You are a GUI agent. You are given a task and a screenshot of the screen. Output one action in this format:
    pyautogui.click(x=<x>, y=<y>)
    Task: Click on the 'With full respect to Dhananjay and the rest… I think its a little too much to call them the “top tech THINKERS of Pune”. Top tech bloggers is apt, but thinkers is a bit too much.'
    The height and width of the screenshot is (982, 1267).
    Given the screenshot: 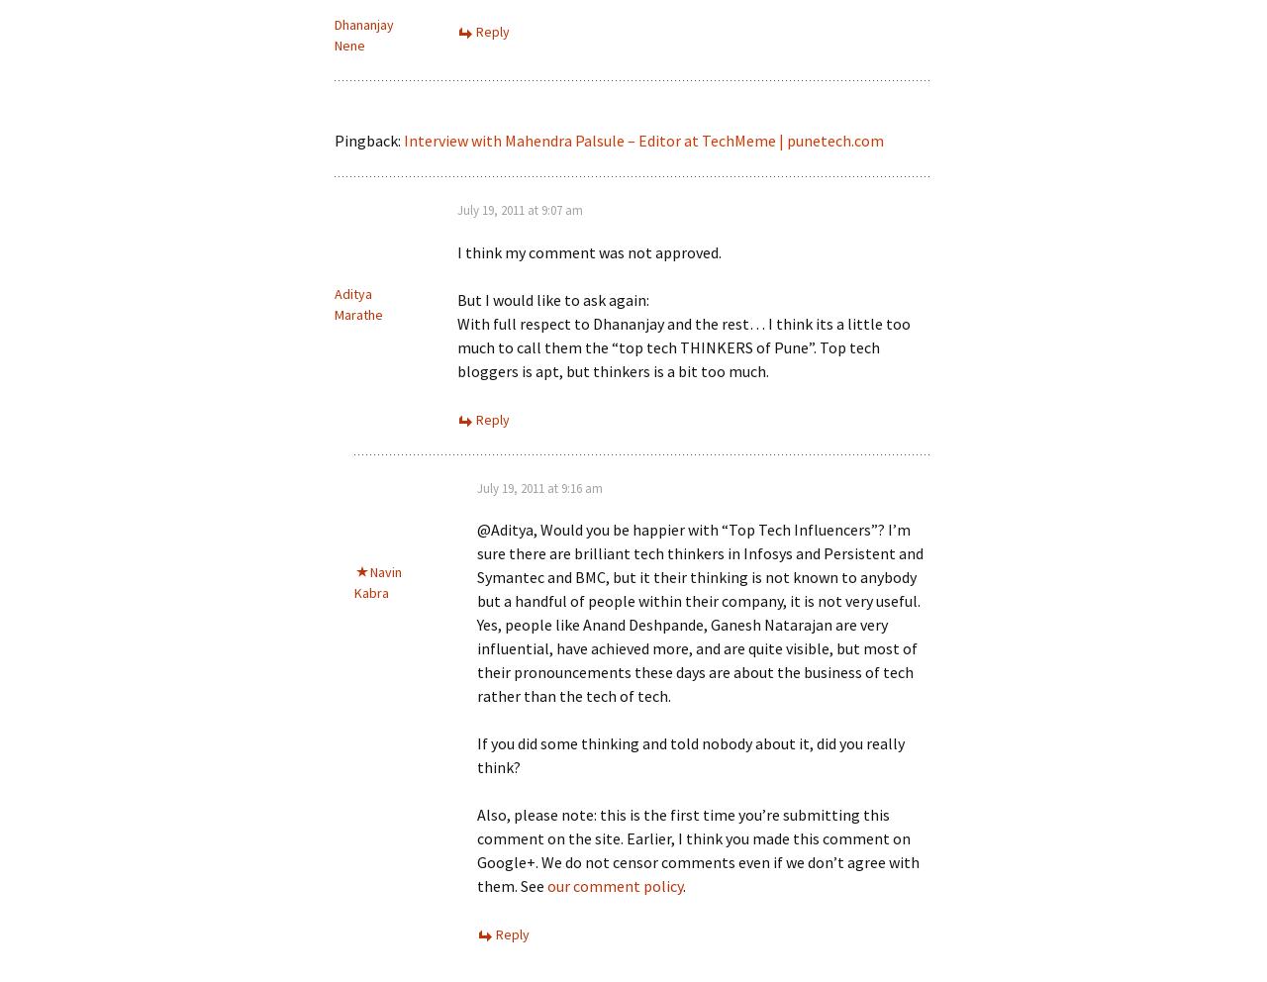 What is the action you would take?
    pyautogui.click(x=683, y=344)
    